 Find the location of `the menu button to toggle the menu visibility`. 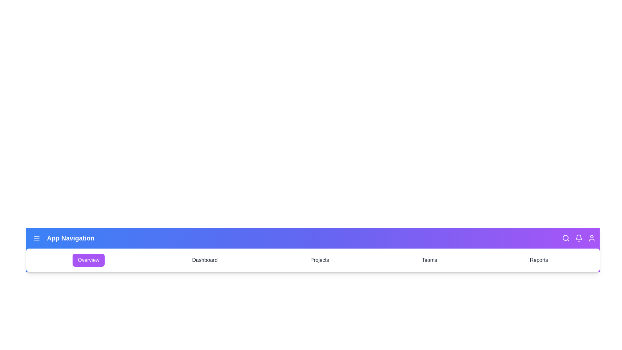

the menu button to toggle the menu visibility is located at coordinates (36, 238).